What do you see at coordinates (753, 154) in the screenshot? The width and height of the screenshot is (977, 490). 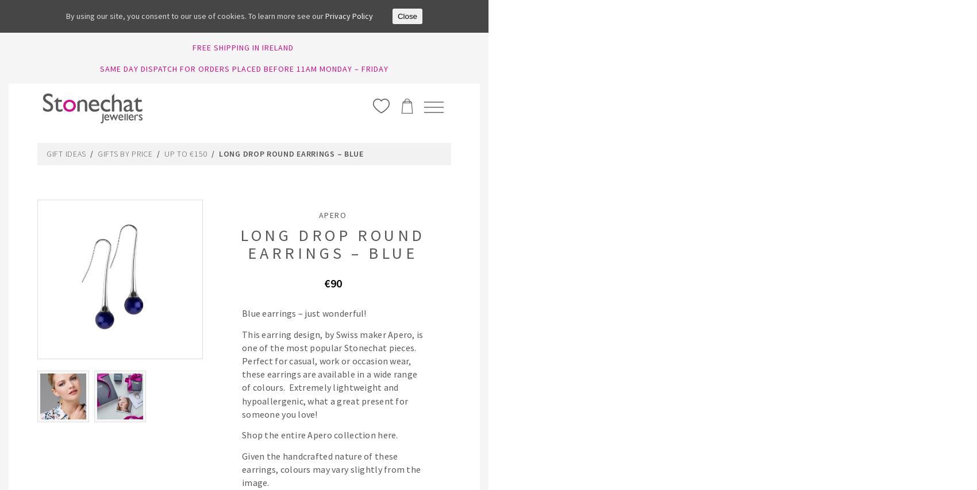 I see `'GIFTS'` at bounding box center [753, 154].